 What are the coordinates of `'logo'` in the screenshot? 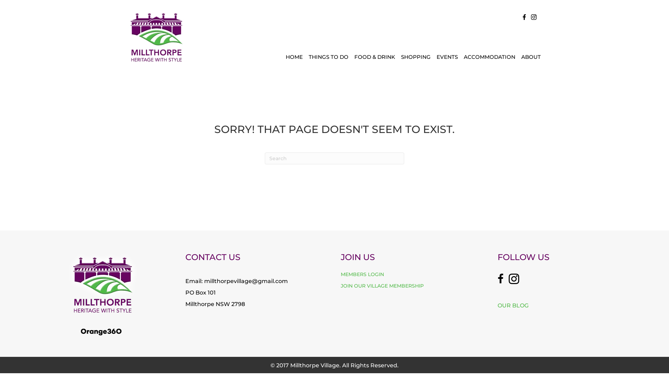 It's located at (66, 283).